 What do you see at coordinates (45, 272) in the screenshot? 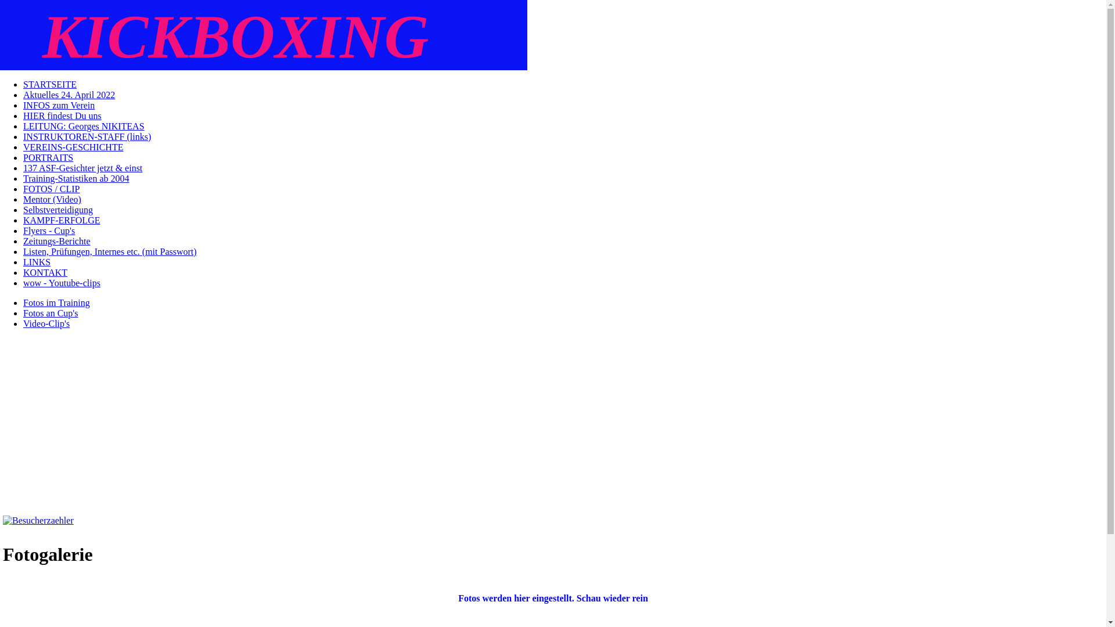
I see `'KONTAKT'` at bounding box center [45, 272].